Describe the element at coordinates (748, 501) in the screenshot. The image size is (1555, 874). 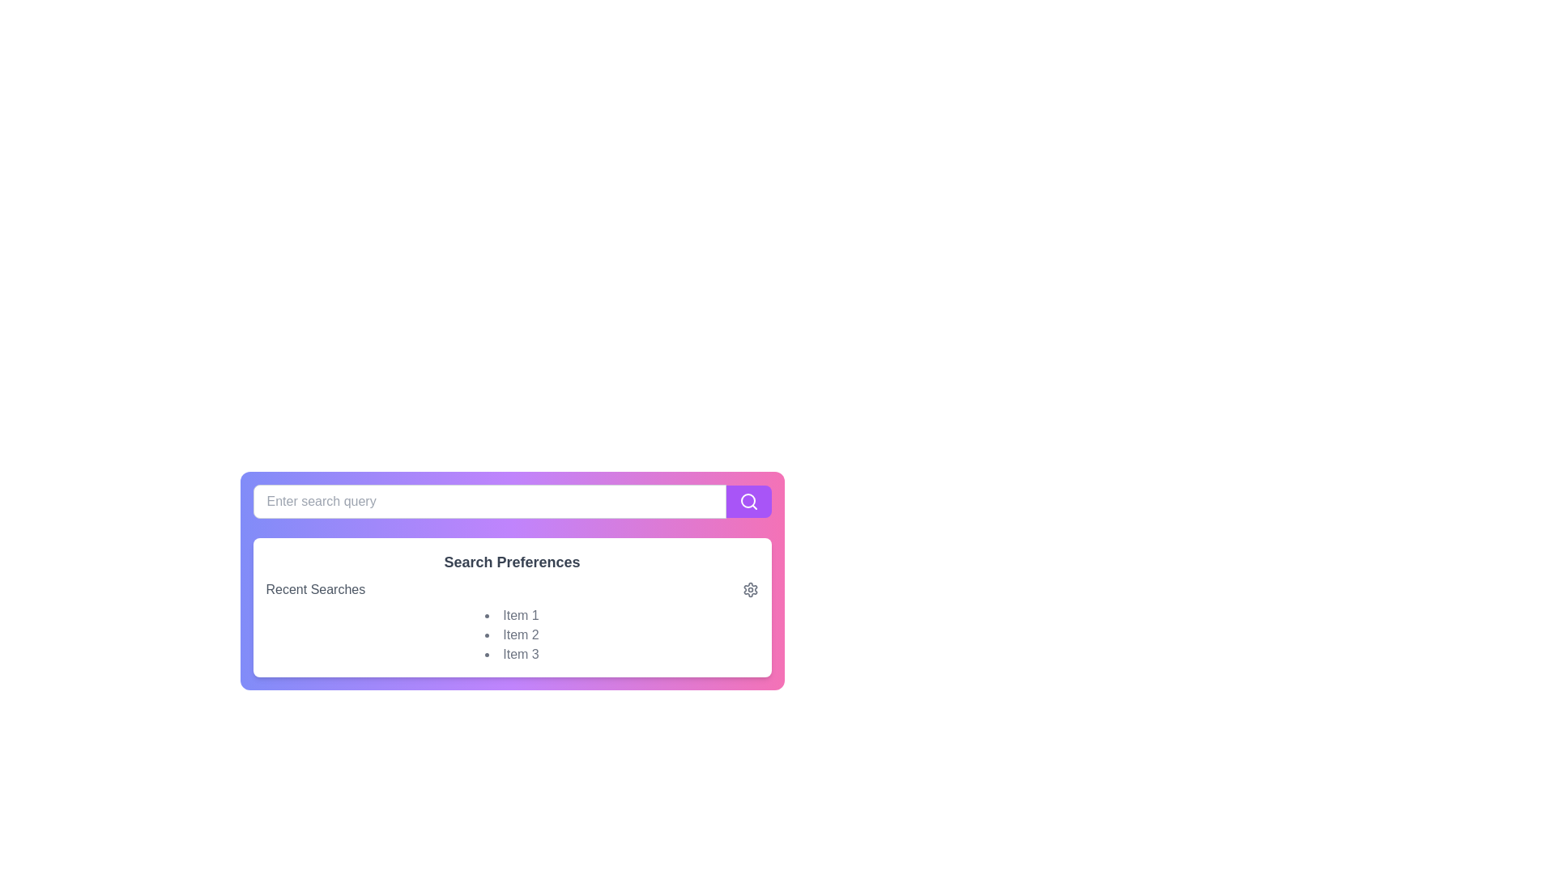
I see `the magnifying glass icon located at the right end of the purple button to initiate a search` at that location.